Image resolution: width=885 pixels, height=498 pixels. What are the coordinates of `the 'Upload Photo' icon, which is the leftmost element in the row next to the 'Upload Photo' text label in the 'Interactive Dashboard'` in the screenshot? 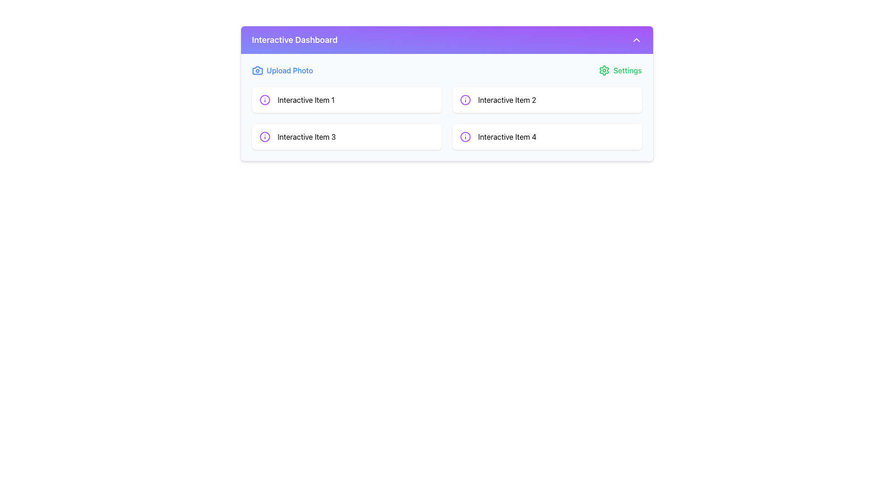 It's located at (257, 70).